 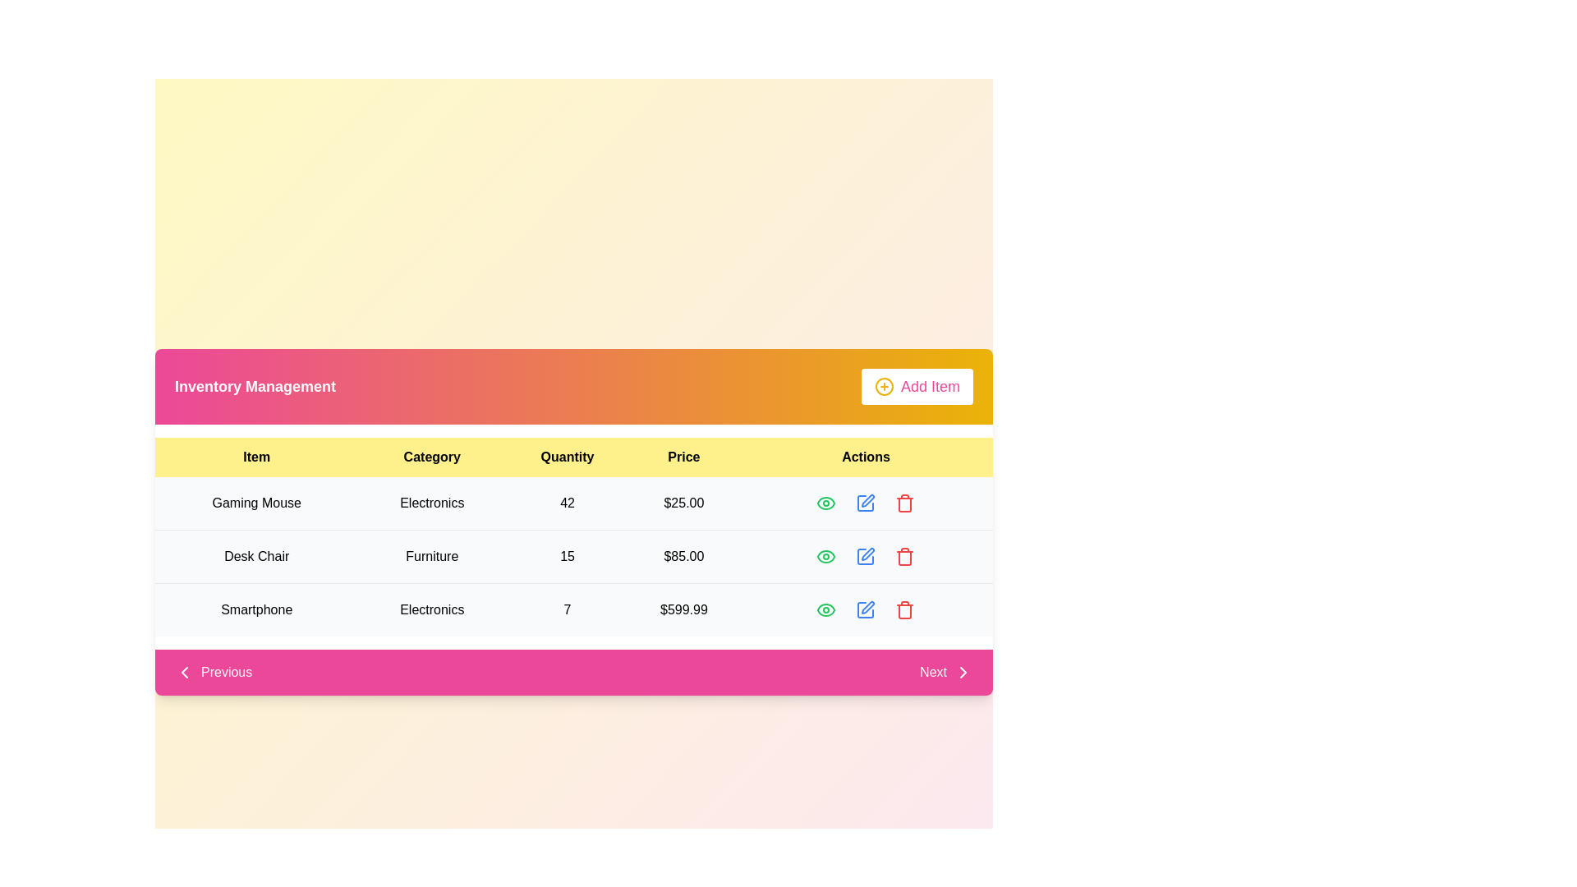 What do you see at coordinates (865, 503) in the screenshot?
I see `the blue pen icon in the Action Button Group for the 'Gaming Mouse' item` at bounding box center [865, 503].